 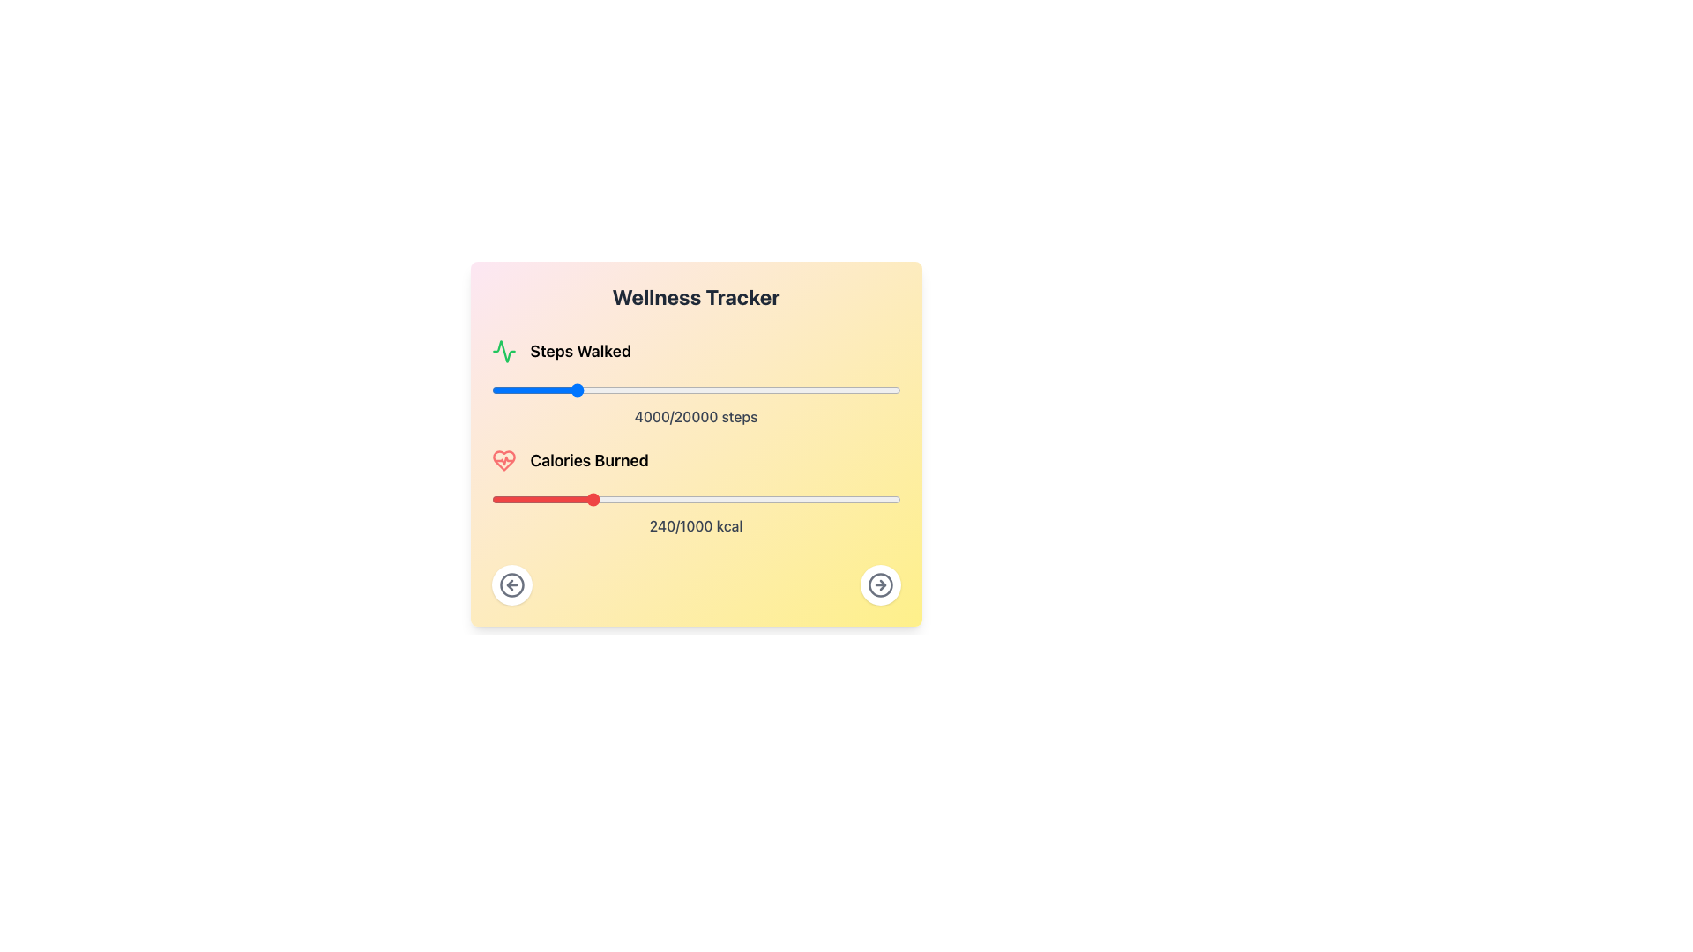 What do you see at coordinates (695, 295) in the screenshot?
I see `the 'Wellness Tracker' text label, which is a bold, large header centered at the top of the card component` at bounding box center [695, 295].